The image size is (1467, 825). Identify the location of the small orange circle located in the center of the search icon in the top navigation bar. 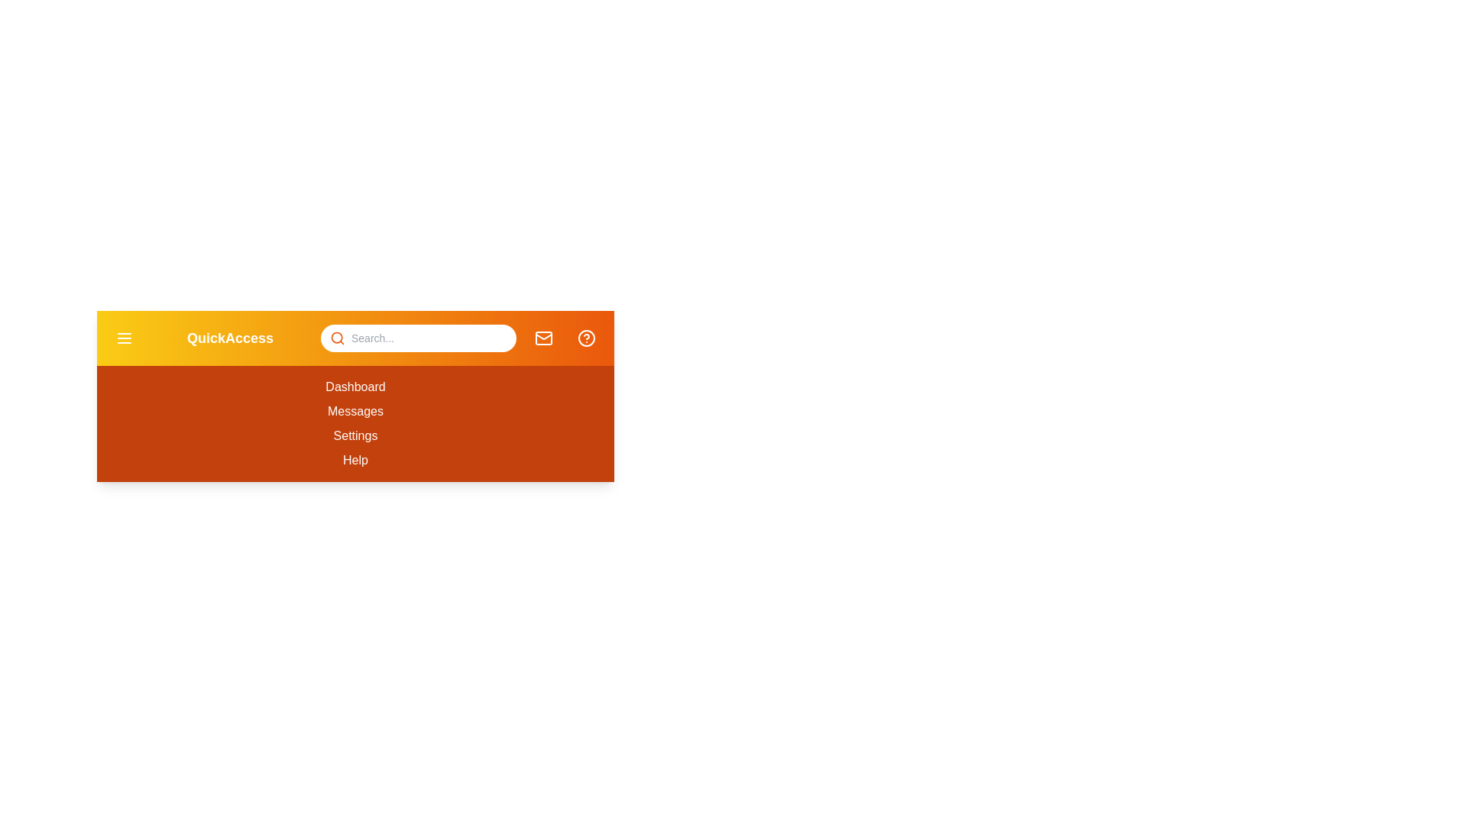
(336, 337).